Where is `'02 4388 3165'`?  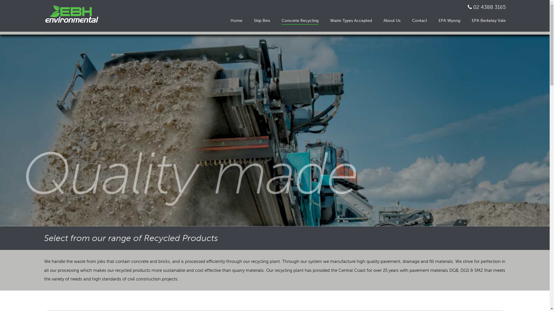
'02 4388 3165' is located at coordinates (489, 7).